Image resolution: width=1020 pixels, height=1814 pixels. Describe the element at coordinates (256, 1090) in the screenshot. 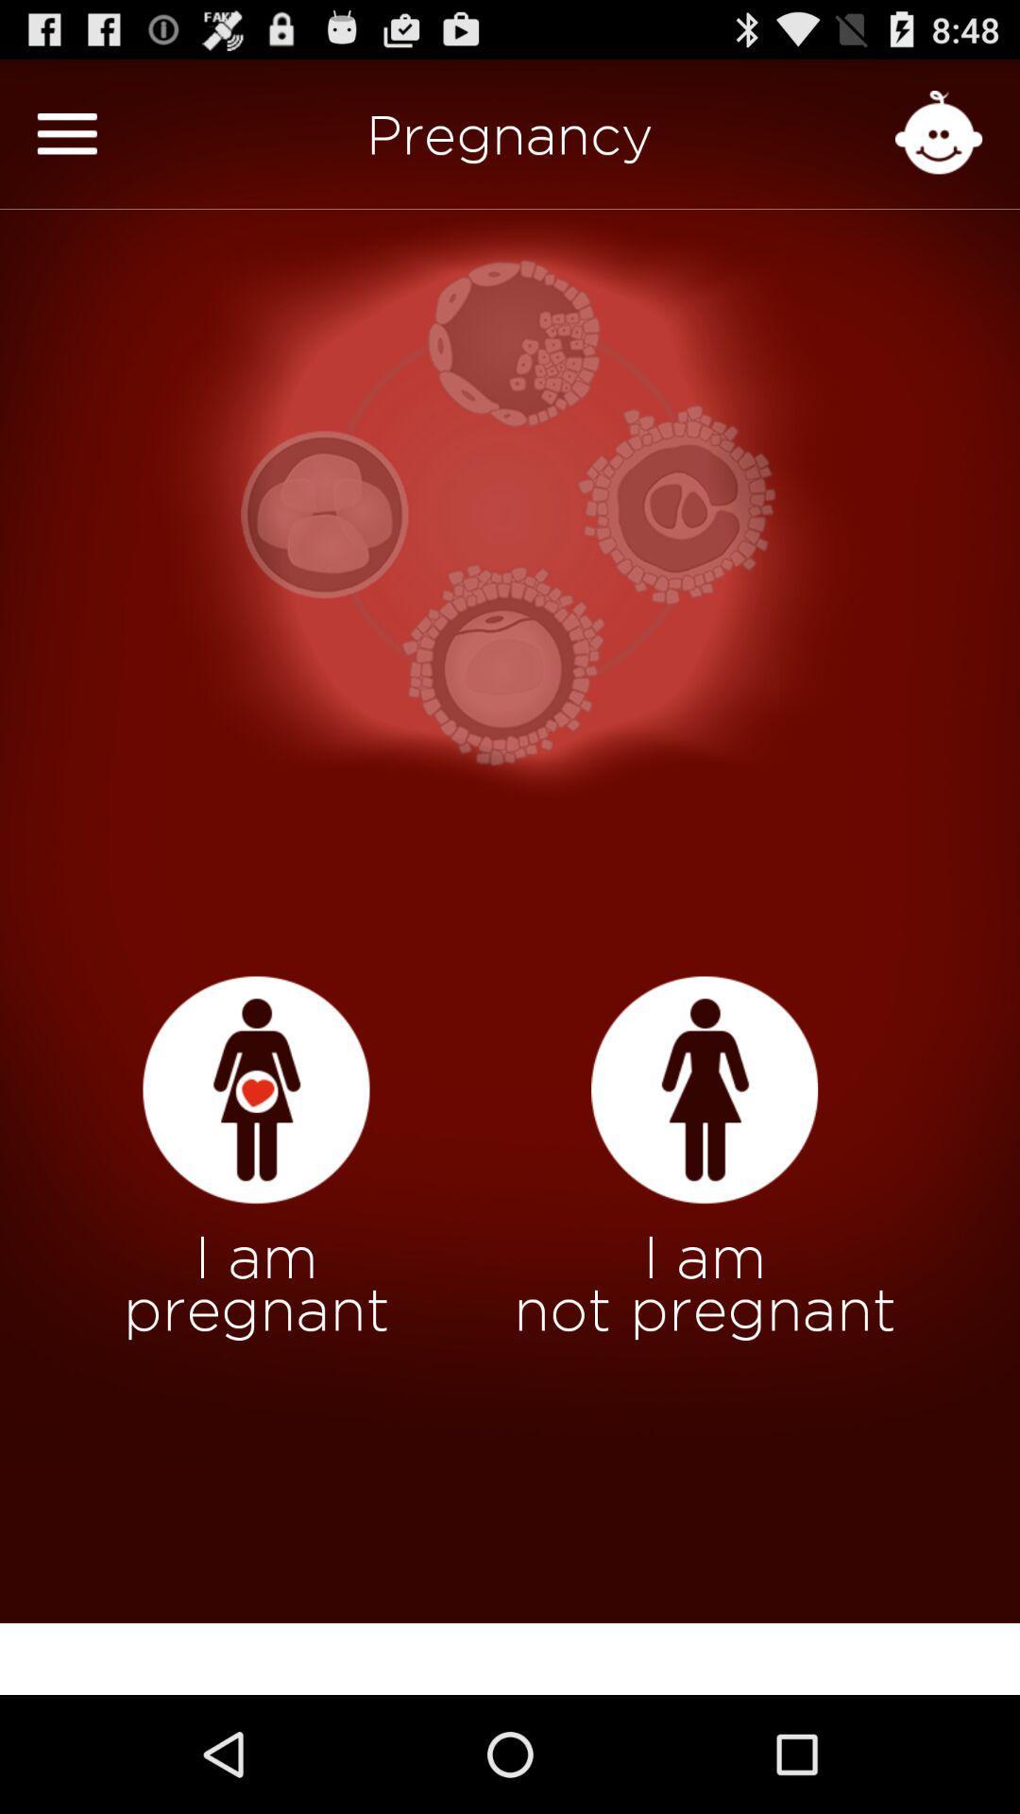

I see `click i am pregnant option` at that location.